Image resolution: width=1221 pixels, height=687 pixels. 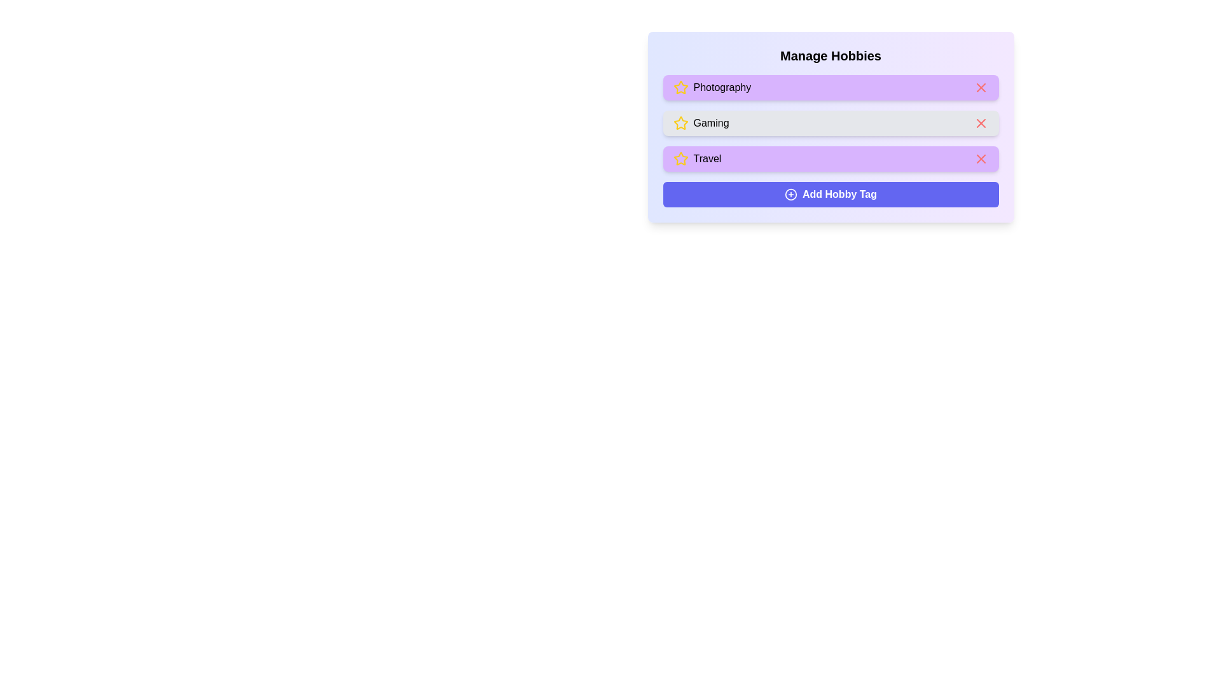 What do you see at coordinates (980, 123) in the screenshot?
I see `'X' icon to remove the hobby tag 'Gaming'` at bounding box center [980, 123].